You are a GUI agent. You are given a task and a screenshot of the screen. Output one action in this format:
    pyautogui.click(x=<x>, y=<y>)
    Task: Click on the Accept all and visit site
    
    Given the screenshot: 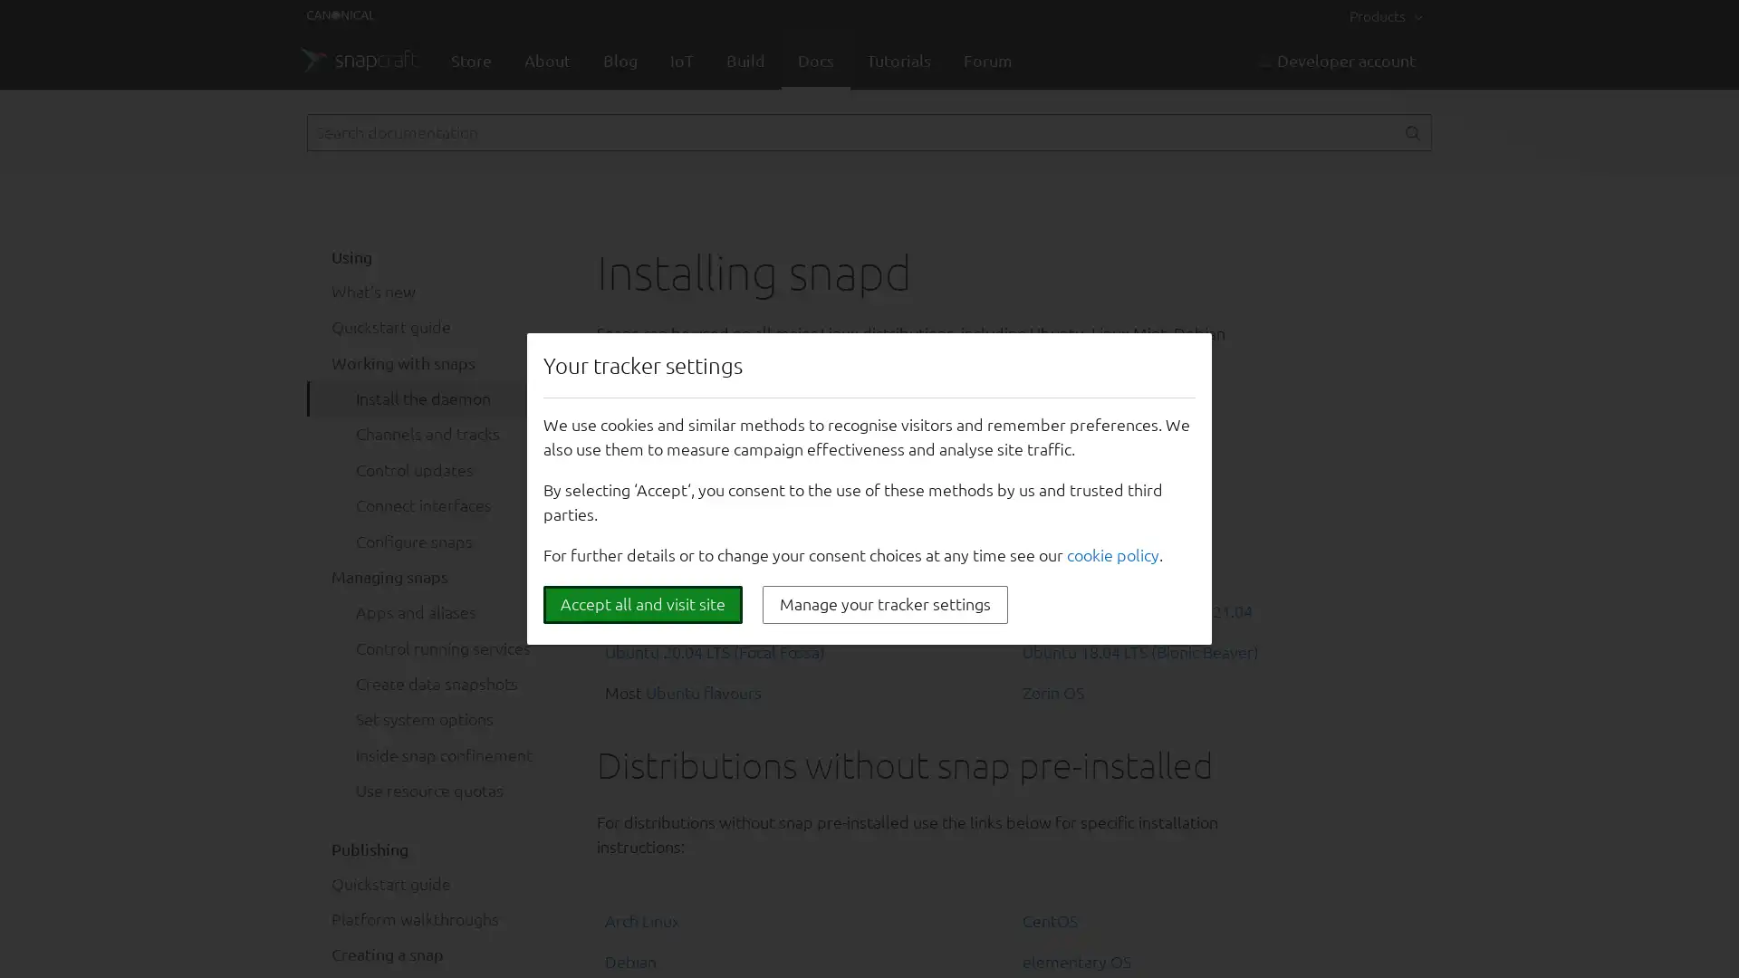 What is the action you would take?
    pyautogui.click(x=643, y=604)
    